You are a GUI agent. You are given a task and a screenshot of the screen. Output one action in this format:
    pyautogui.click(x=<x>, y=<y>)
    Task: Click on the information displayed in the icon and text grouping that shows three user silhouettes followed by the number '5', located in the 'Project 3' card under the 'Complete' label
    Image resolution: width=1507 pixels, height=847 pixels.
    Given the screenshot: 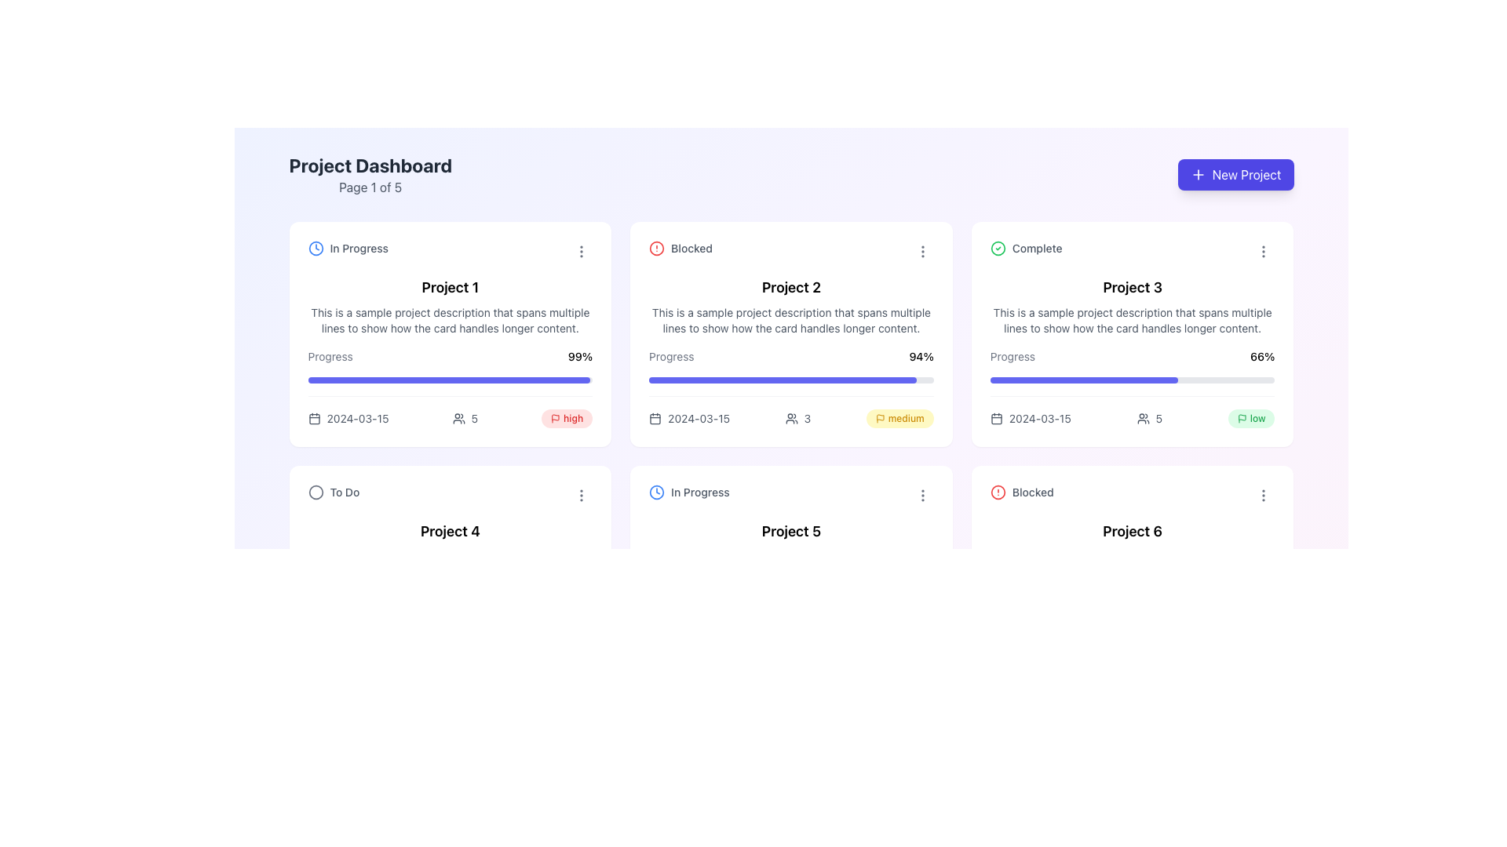 What is the action you would take?
    pyautogui.click(x=1149, y=417)
    